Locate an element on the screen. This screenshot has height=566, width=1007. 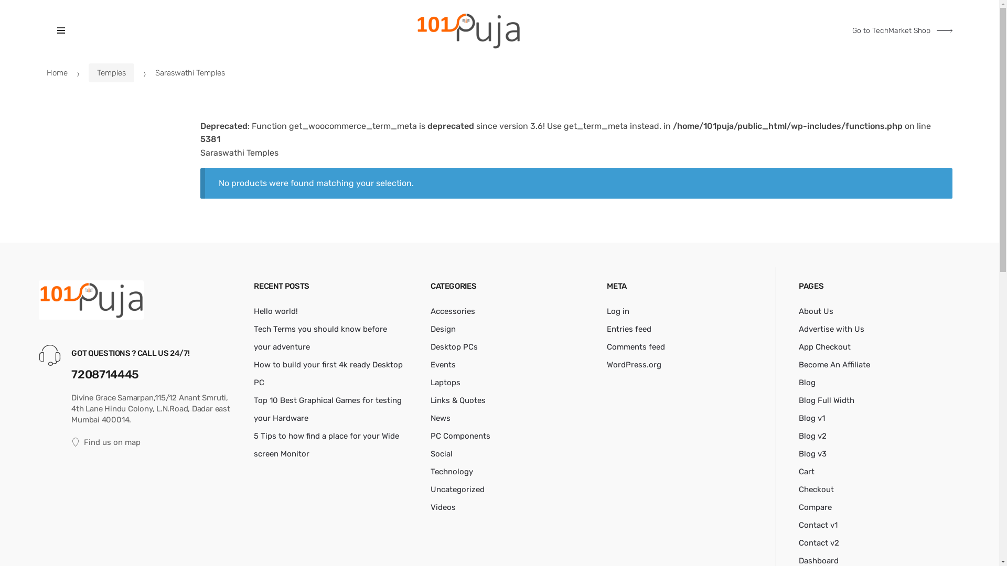
'Comments feed' is located at coordinates (635, 347).